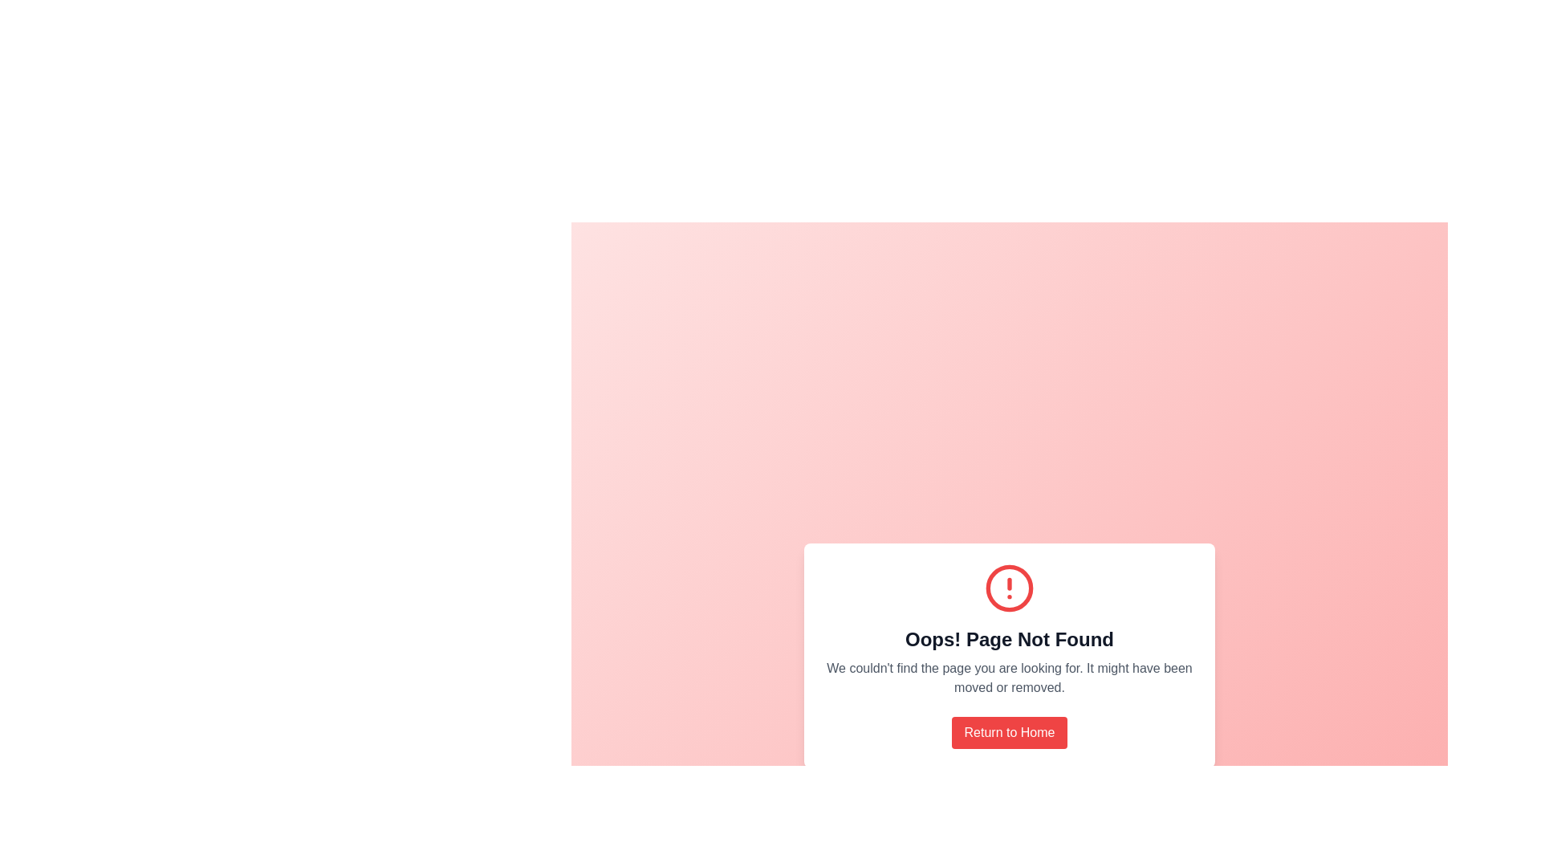 This screenshot has width=1541, height=867. I want to click on the alert/error icon that is centrally placed above the title text 'Oops! Page Not Found', so click(1008, 588).